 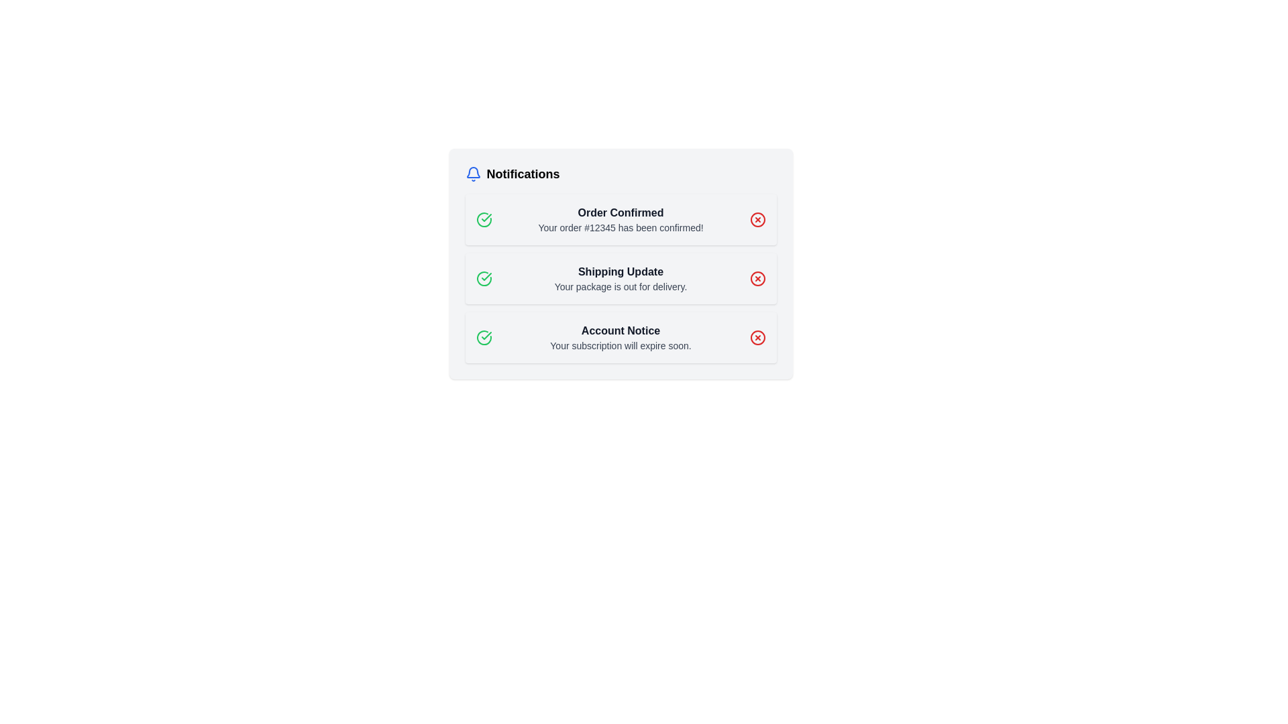 What do you see at coordinates (620, 337) in the screenshot?
I see `text displayed in the third notification of the notification list, which contains 'Account Notice' and 'Your subscription will expire soon.'` at bounding box center [620, 337].